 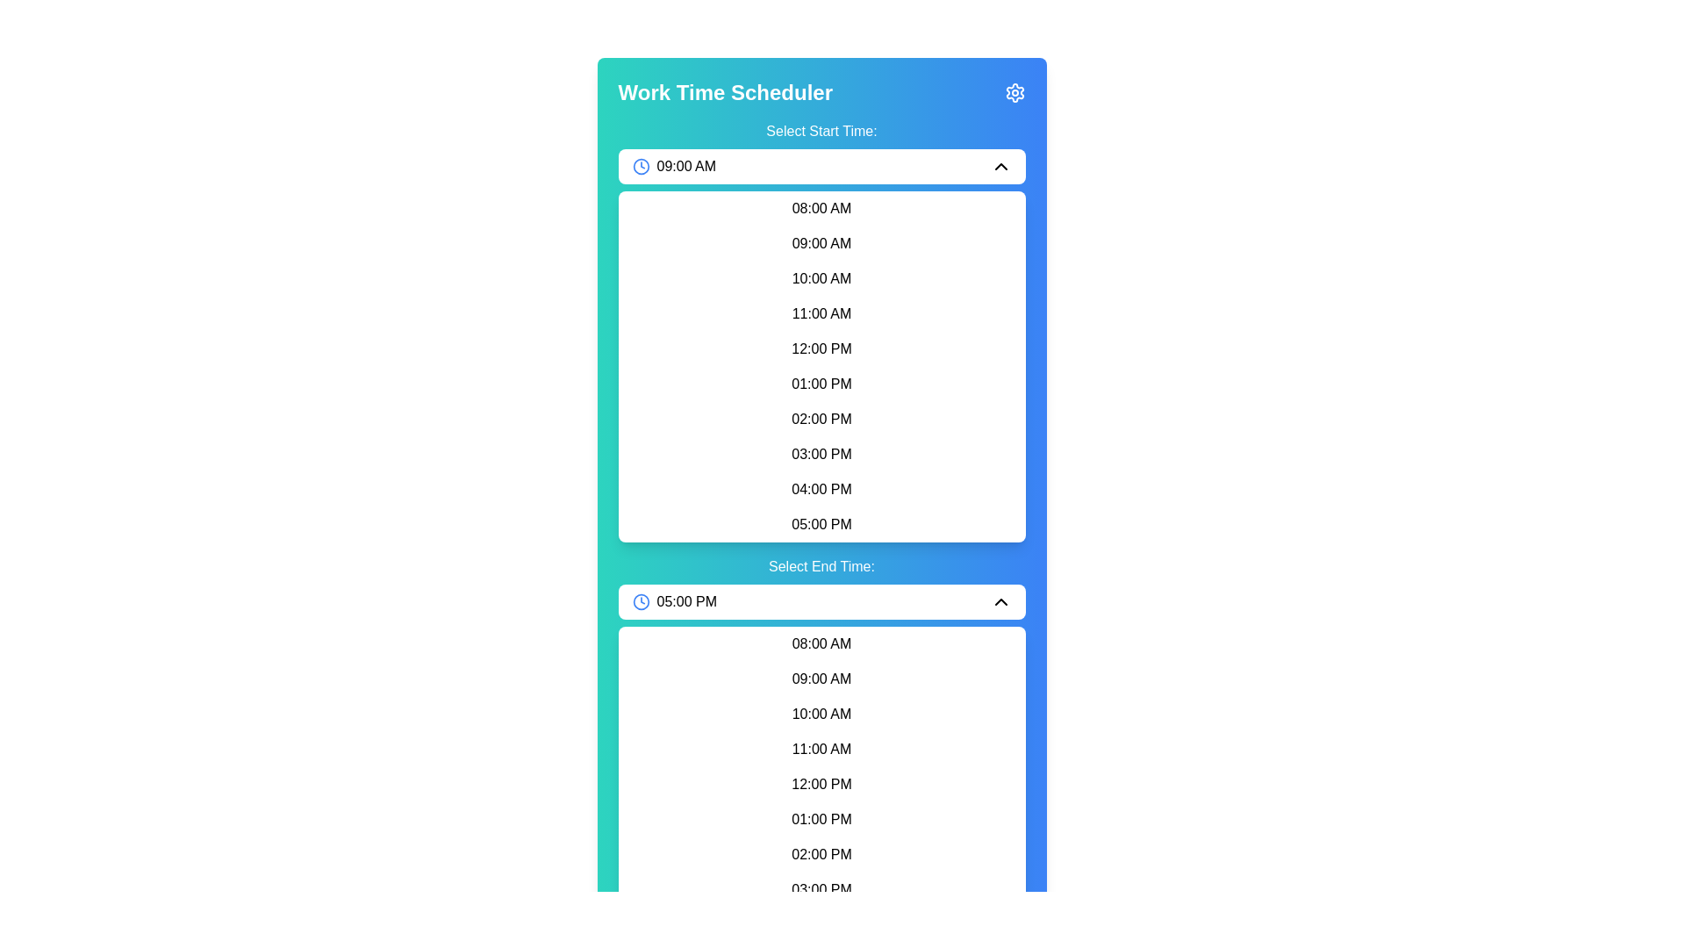 I want to click on the 'Work Time Scheduler' text in the Header section to possibly reveal more information, so click(x=821, y=92).